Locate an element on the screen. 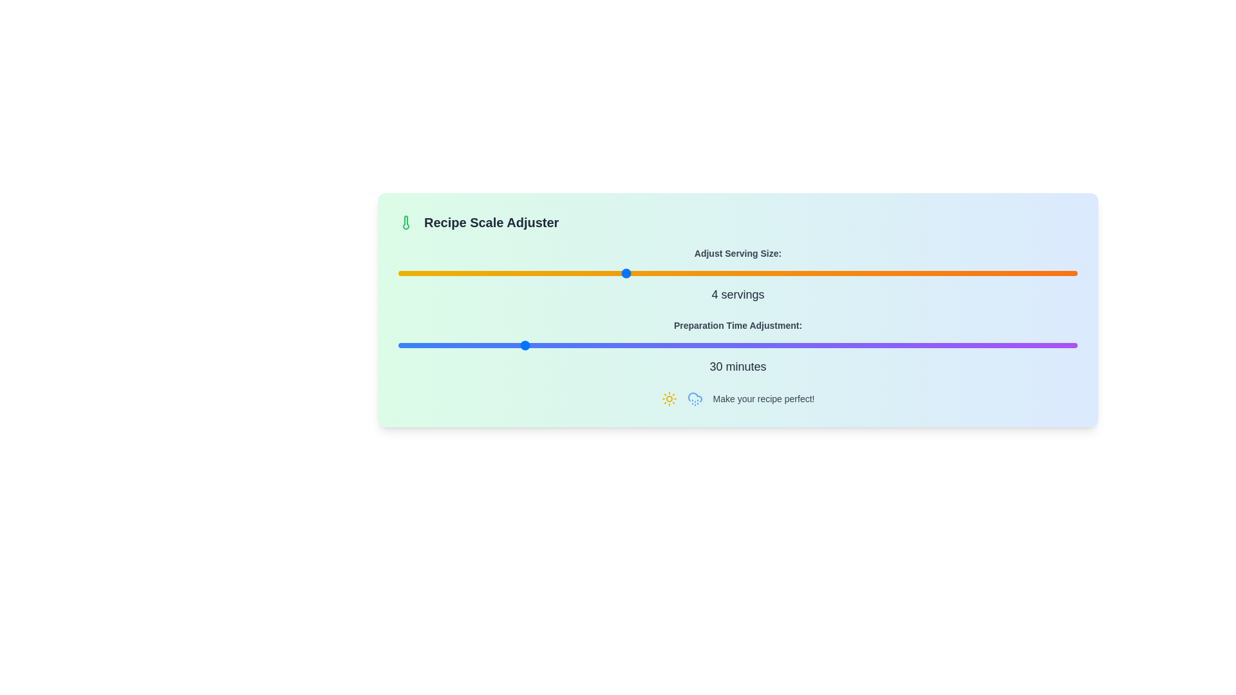 The height and width of the screenshot is (695, 1236). the Decorative icon resembling a sun with rays, which is the first icon in the sequence located near the bottom of the card is located at coordinates (669, 398).